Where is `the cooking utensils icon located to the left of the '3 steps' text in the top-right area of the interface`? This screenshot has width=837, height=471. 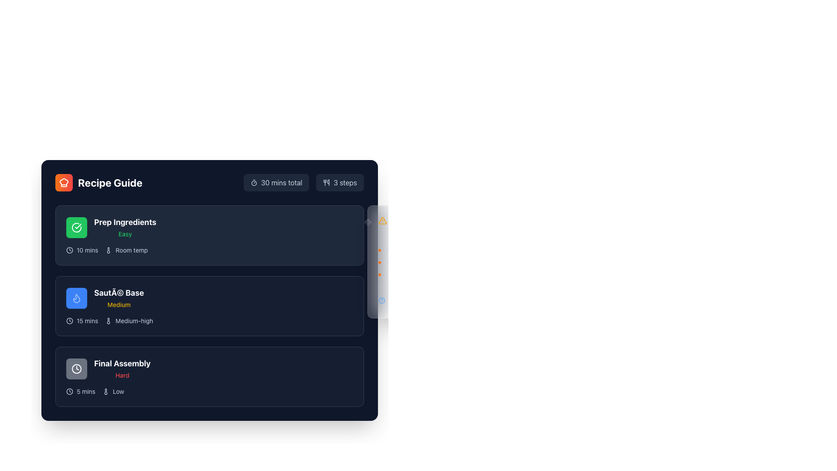 the cooking utensils icon located to the left of the '3 steps' text in the top-right area of the interface is located at coordinates (326, 182).